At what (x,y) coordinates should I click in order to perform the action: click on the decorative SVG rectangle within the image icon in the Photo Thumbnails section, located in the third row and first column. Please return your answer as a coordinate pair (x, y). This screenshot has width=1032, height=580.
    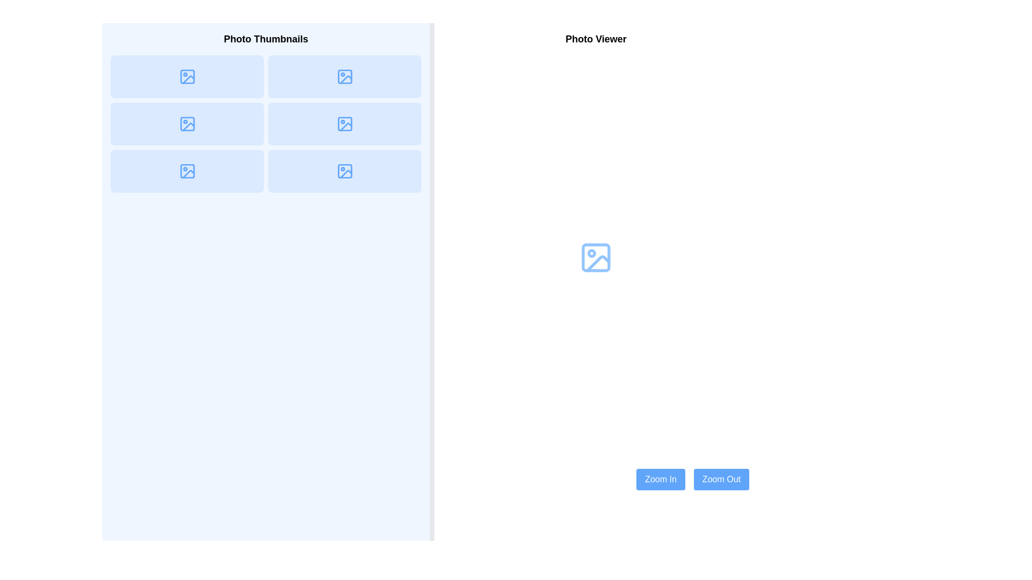
    Looking at the image, I should click on (187, 171).